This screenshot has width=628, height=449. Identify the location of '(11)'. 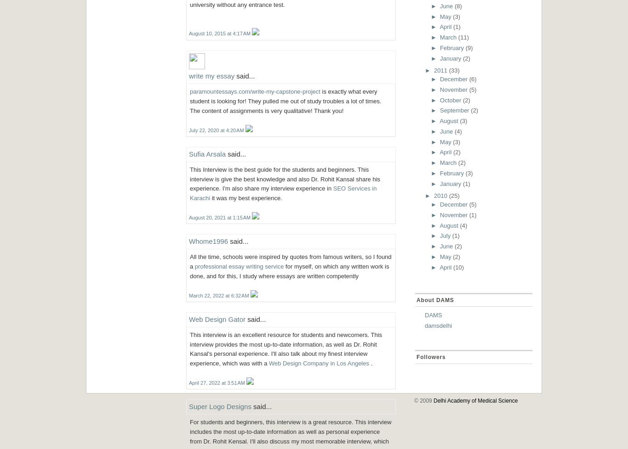
(457, 37).